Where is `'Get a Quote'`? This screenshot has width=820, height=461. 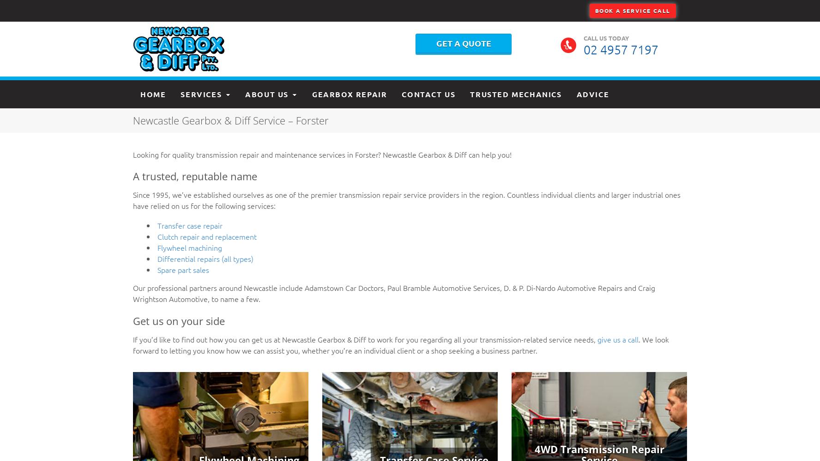 'Get a Quote' is located at coordinates (463, 42).